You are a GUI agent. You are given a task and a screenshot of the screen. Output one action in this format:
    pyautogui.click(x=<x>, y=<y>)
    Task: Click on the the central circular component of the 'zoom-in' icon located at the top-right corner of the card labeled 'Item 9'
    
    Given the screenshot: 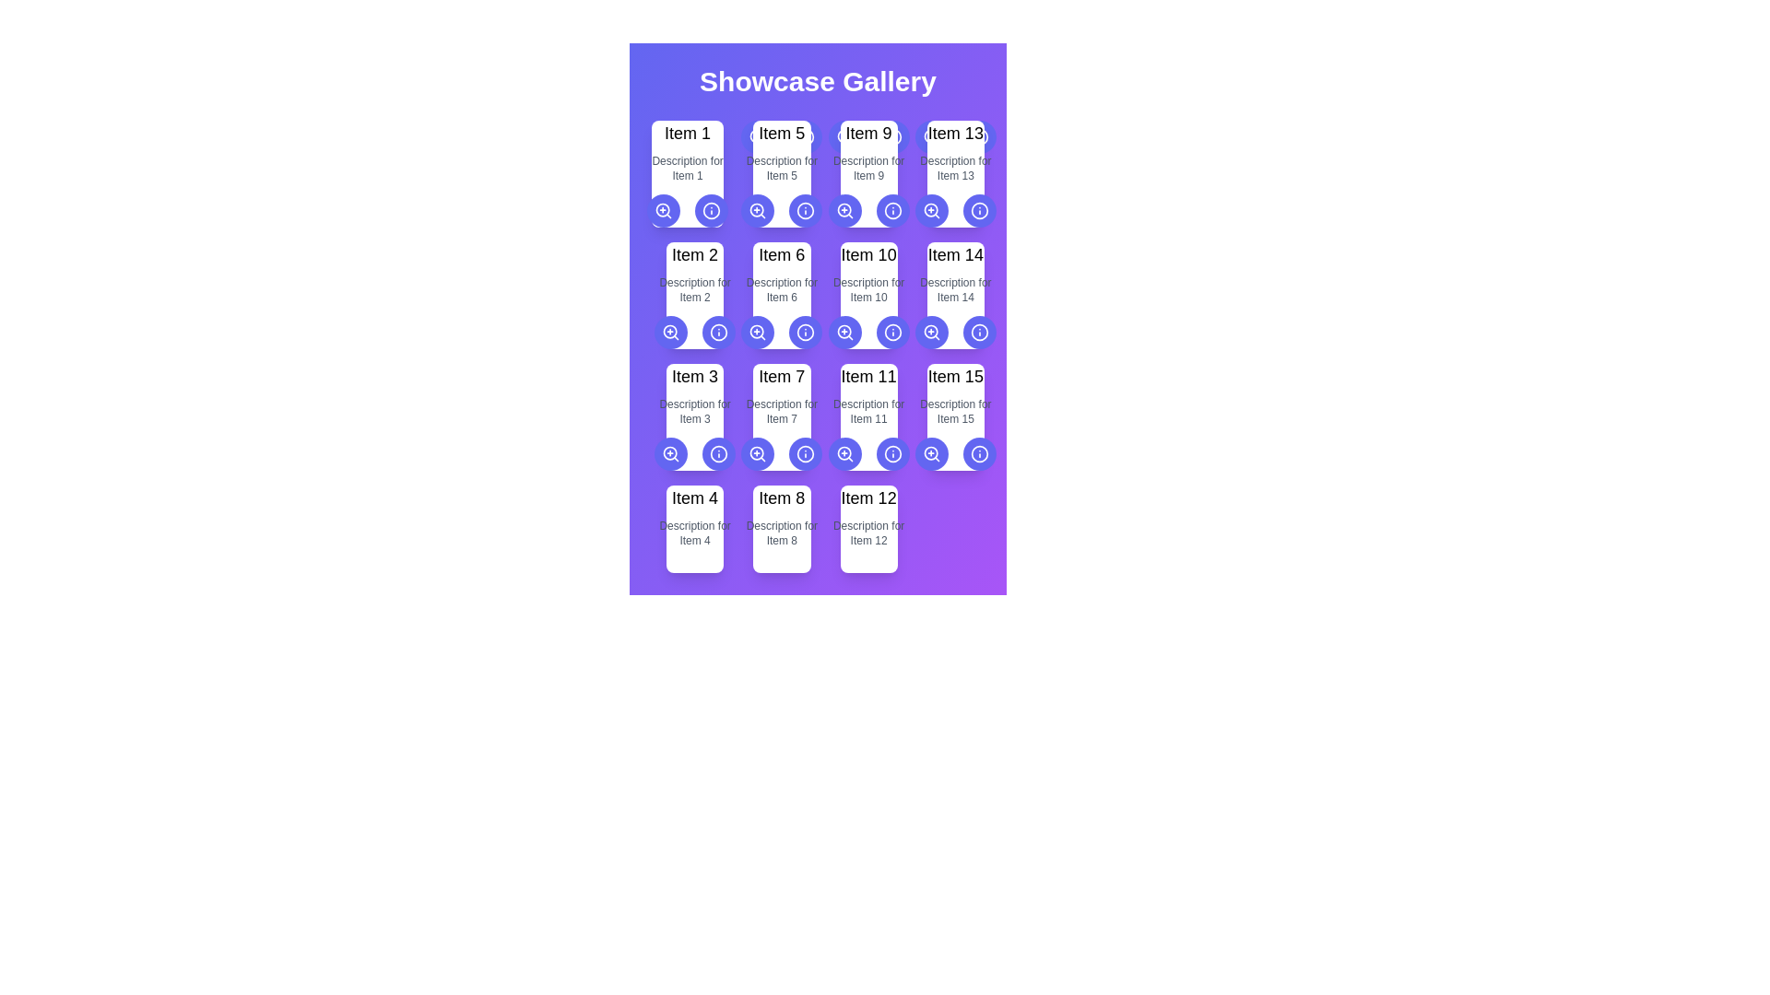 What is the action you would take?
    pyautogui.click(x=843, y=209)
    